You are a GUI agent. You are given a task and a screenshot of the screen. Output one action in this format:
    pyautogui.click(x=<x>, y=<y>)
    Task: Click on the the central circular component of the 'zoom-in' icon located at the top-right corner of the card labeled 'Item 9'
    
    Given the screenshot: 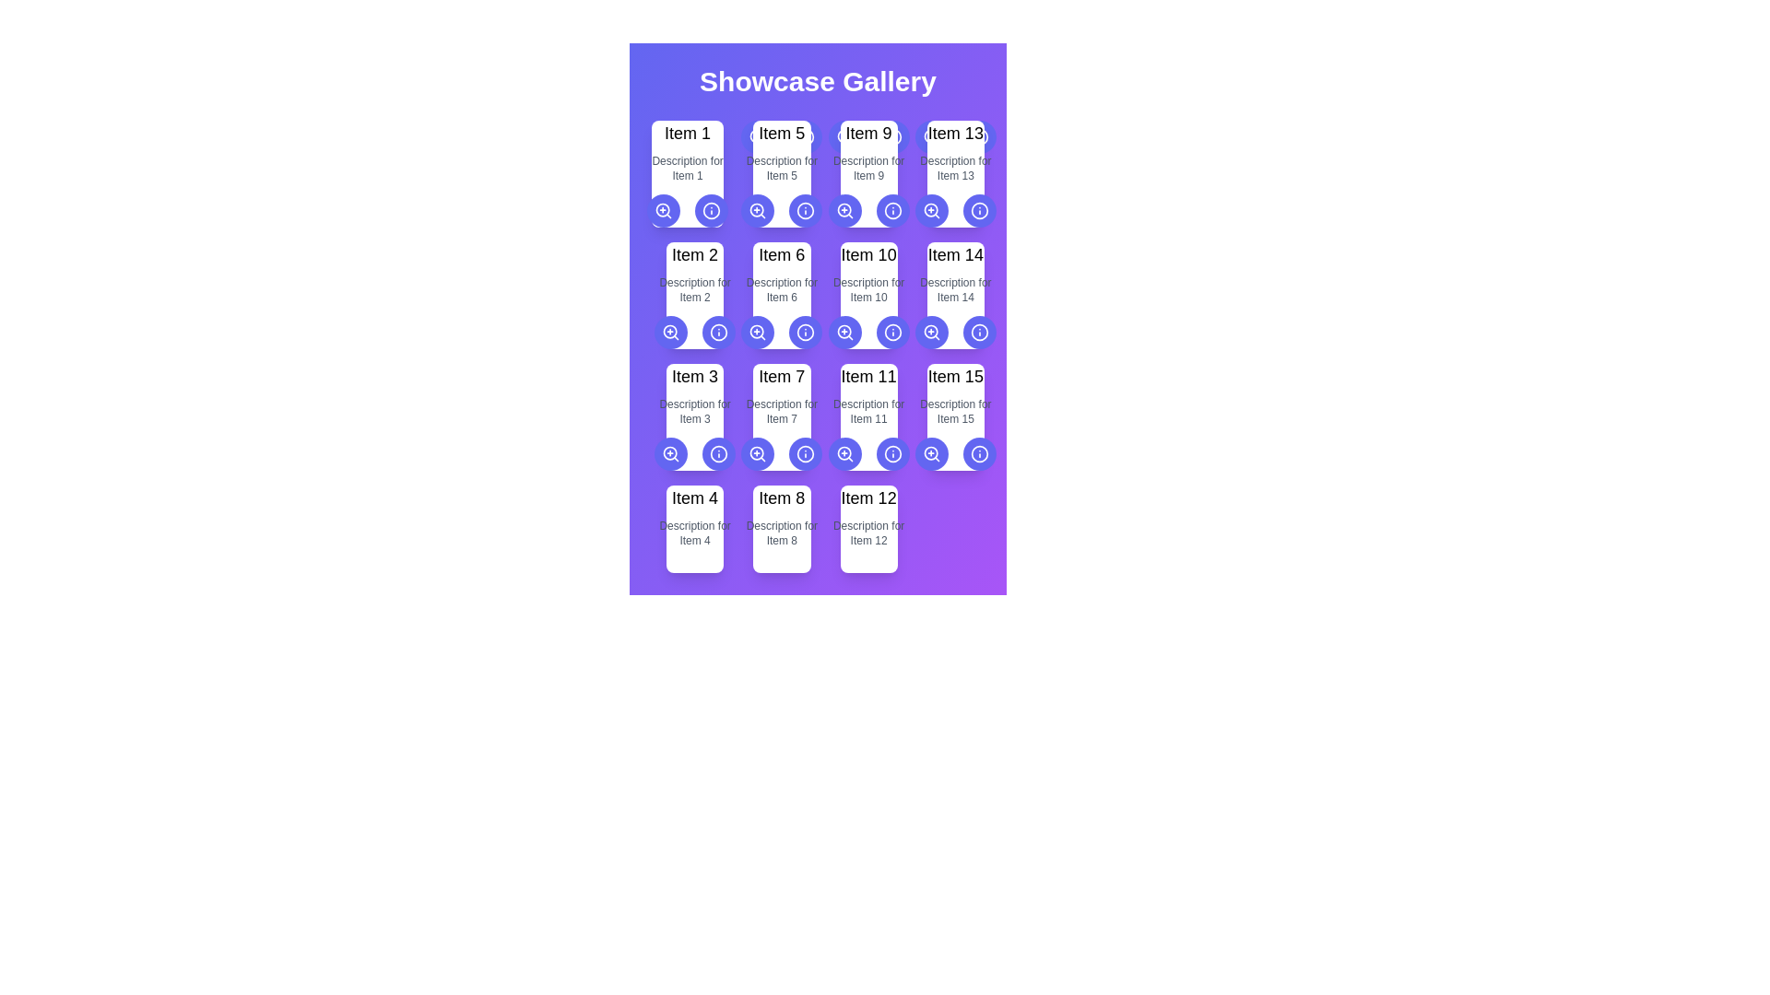 What is the action you would take?
    pyautogui.click(x=843, y=209)
    